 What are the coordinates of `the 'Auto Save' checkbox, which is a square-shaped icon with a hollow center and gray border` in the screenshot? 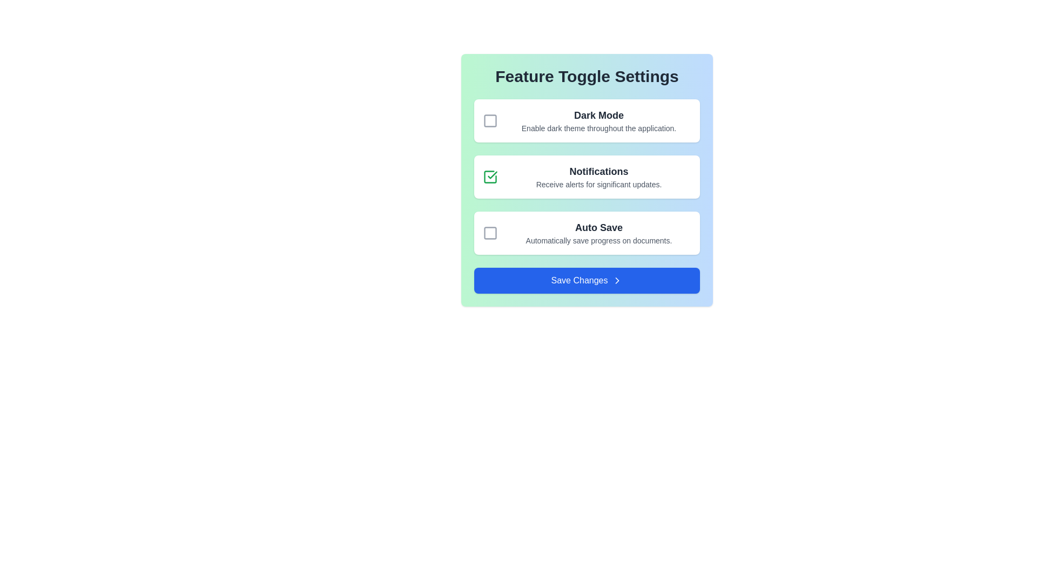 It's located at (489, 233).